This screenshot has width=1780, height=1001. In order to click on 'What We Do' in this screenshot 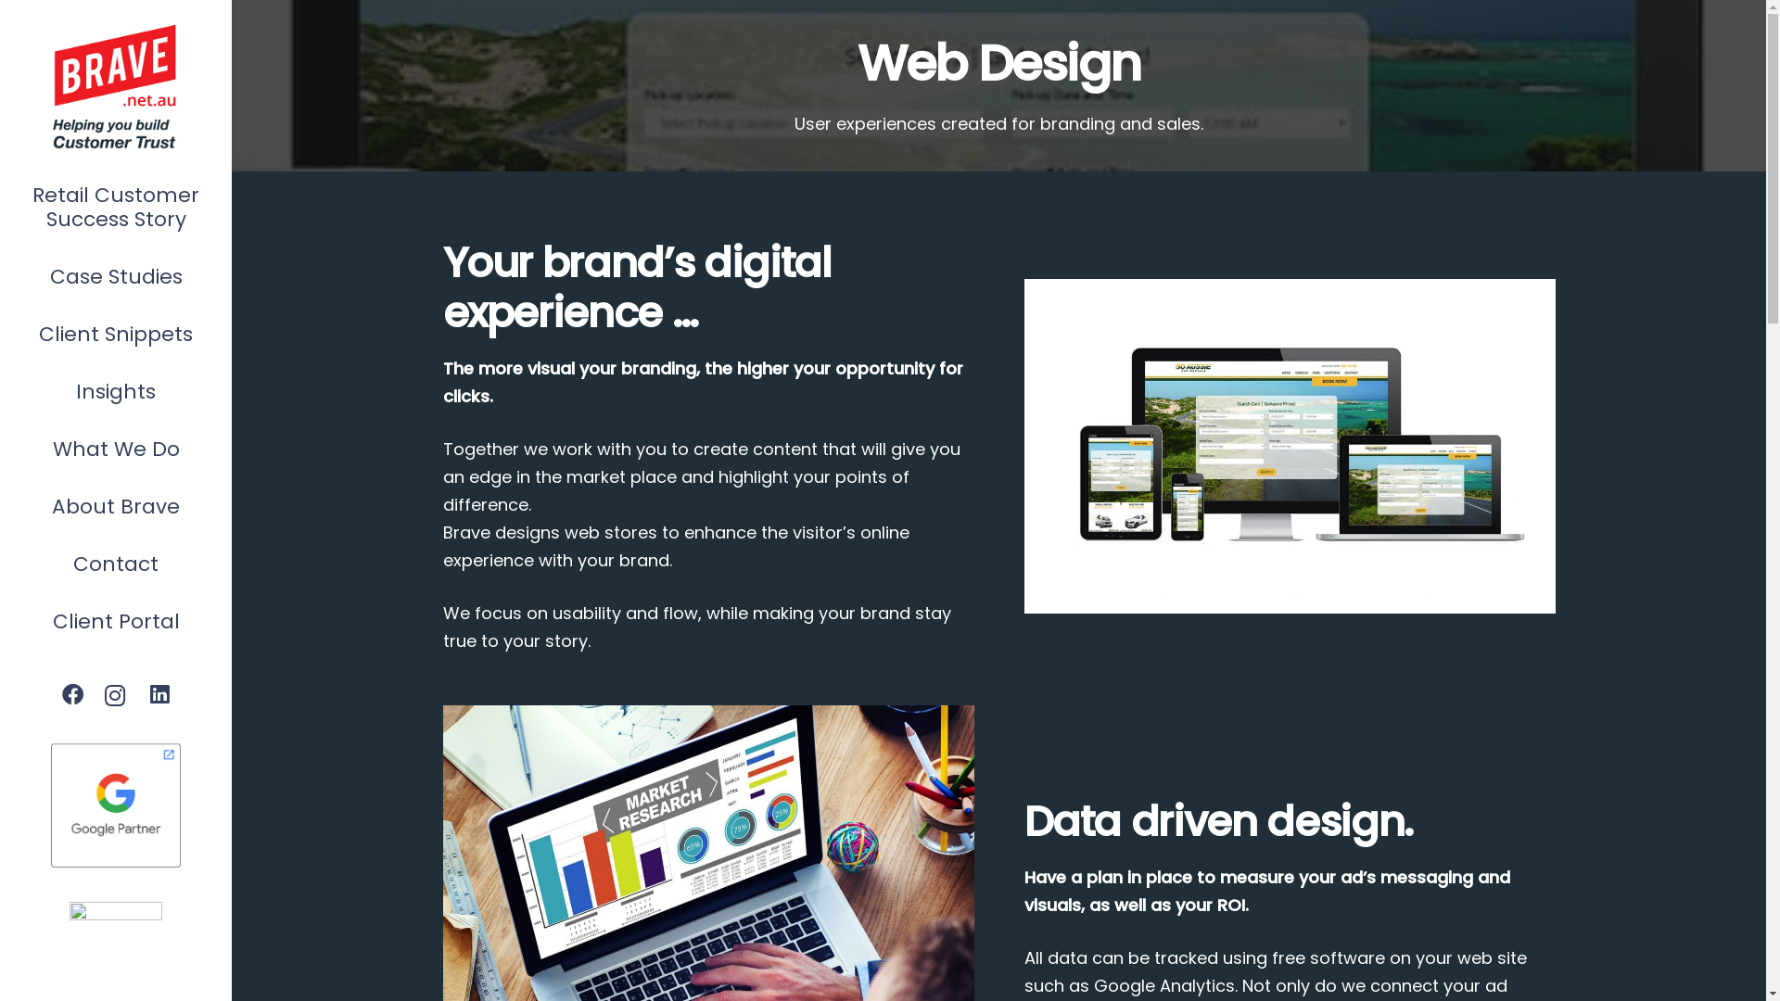, I will do `click(114, 450)`.